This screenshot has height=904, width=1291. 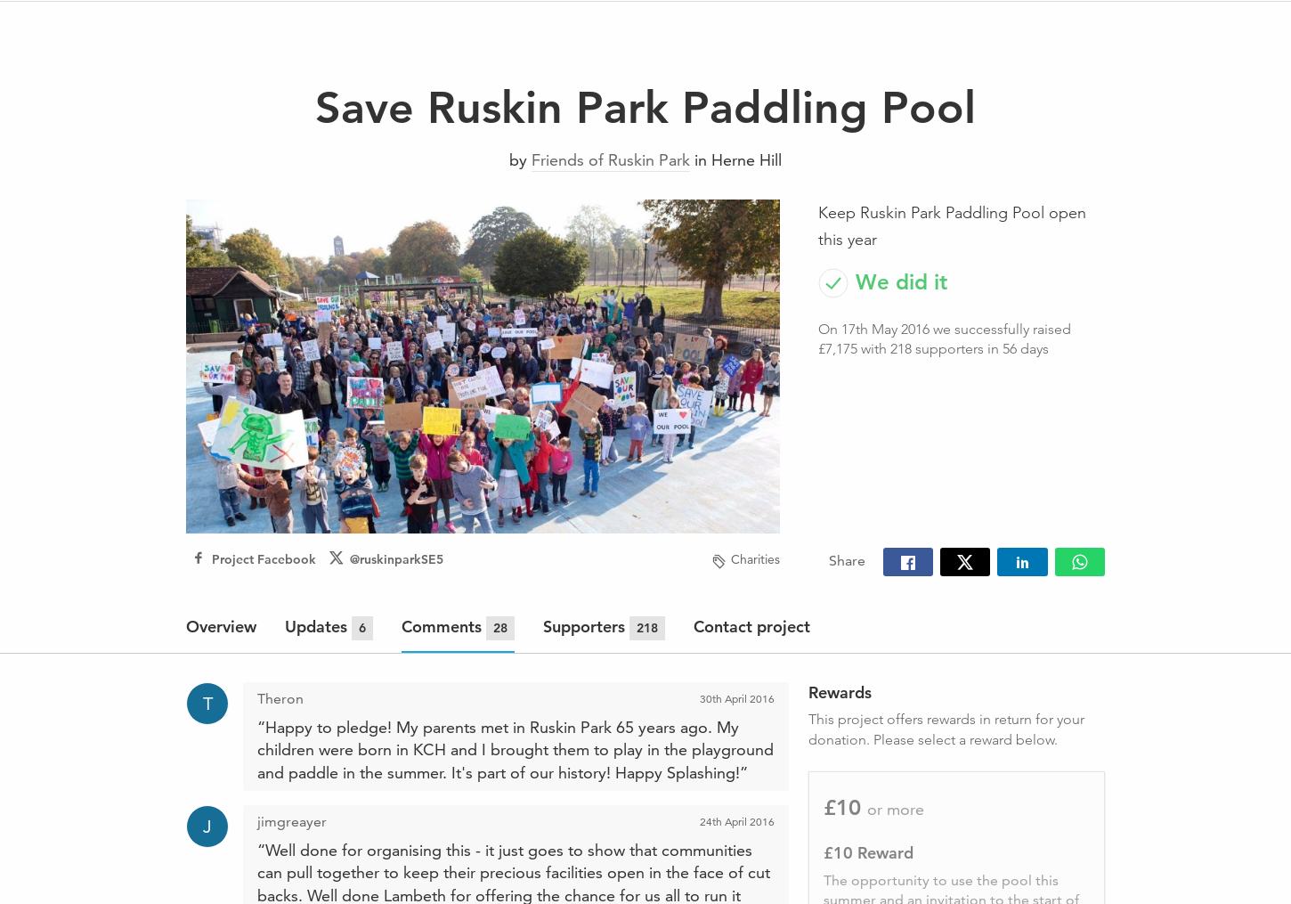 What do you see at coordinates (206, 701) in the screenshot?
I see `'T'` at bounding box center [206, 701].